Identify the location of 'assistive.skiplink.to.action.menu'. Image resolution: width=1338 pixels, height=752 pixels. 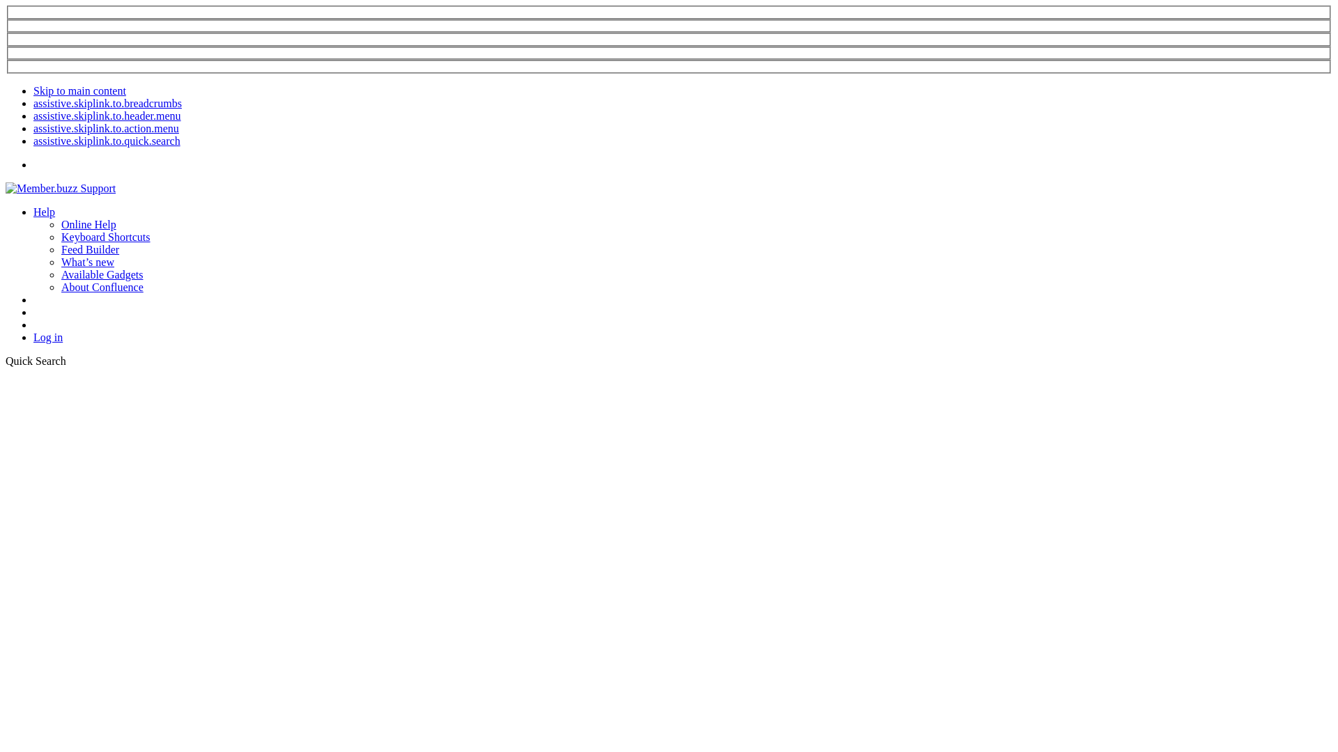
(105, 128).